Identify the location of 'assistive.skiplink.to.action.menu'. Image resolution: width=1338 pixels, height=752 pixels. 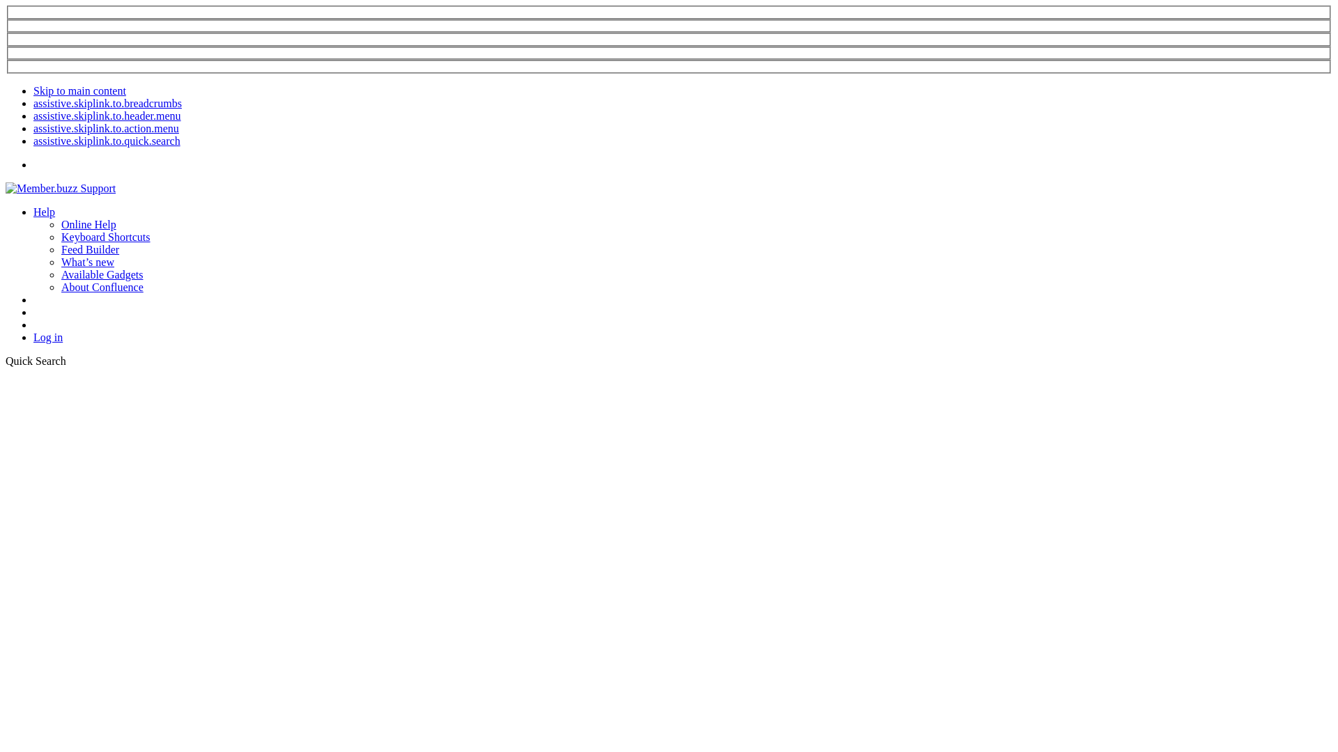
(105, 128).